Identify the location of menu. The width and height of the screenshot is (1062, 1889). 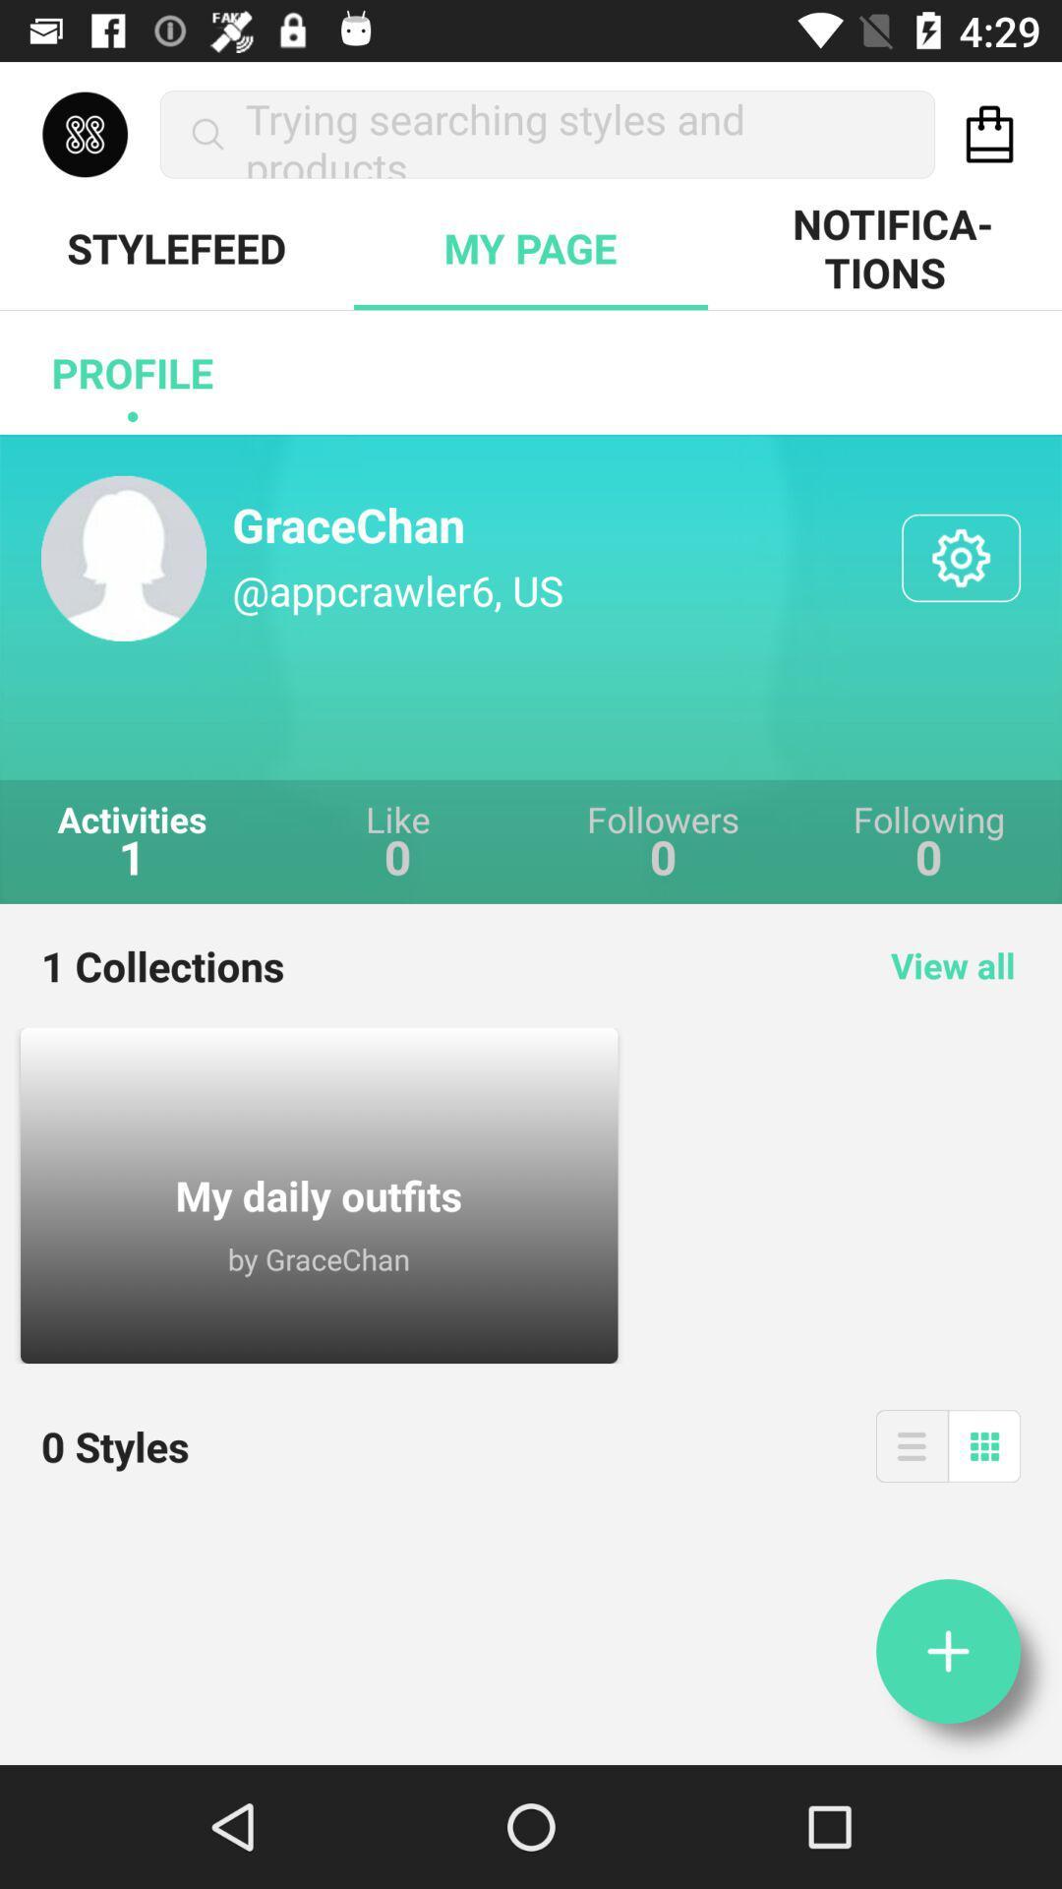
(912, 1445).